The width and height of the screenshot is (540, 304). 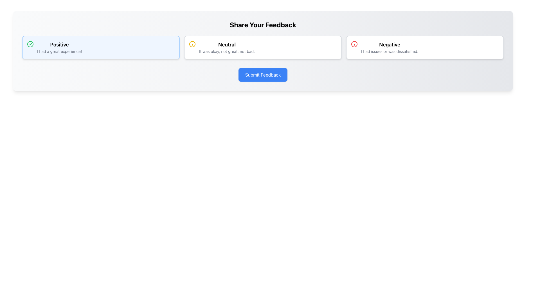 I want to click on the 'Negative' feedback option box labeled 'I had issues or was dissatisfied', so click(x=425, y=47).